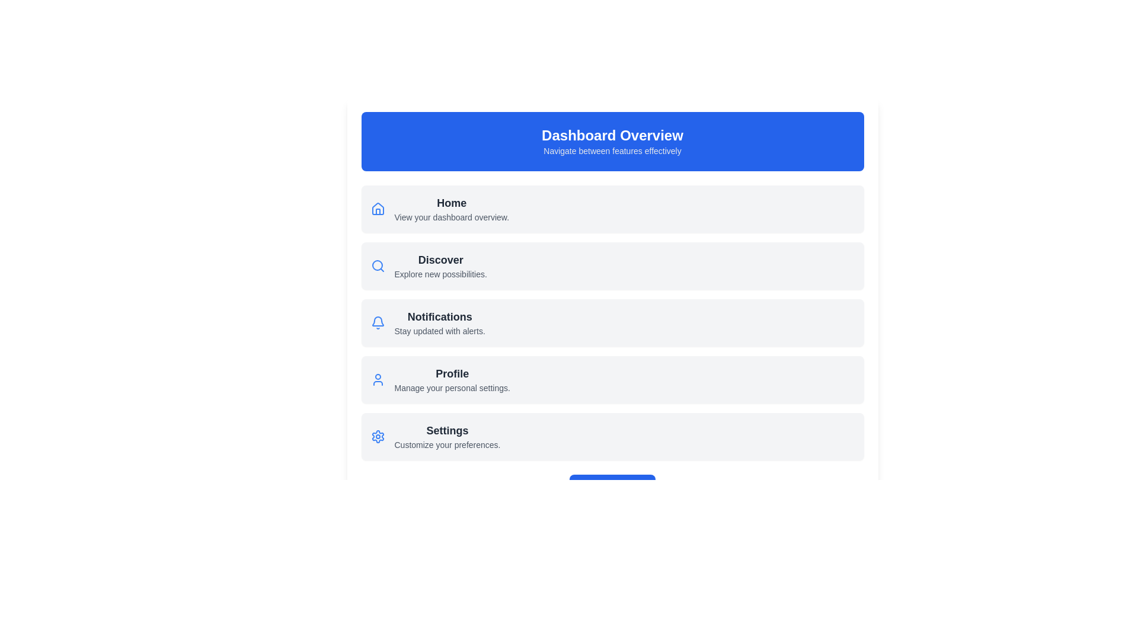 This screenshot has width=1138, height=640. What do you see at coordinates (452, 374) in the screenshot?
I see `the 'Profile' label in the menu, which is located above 'Manage your personal settings' and next to a user figure icon` at bounding box center [452, 374].